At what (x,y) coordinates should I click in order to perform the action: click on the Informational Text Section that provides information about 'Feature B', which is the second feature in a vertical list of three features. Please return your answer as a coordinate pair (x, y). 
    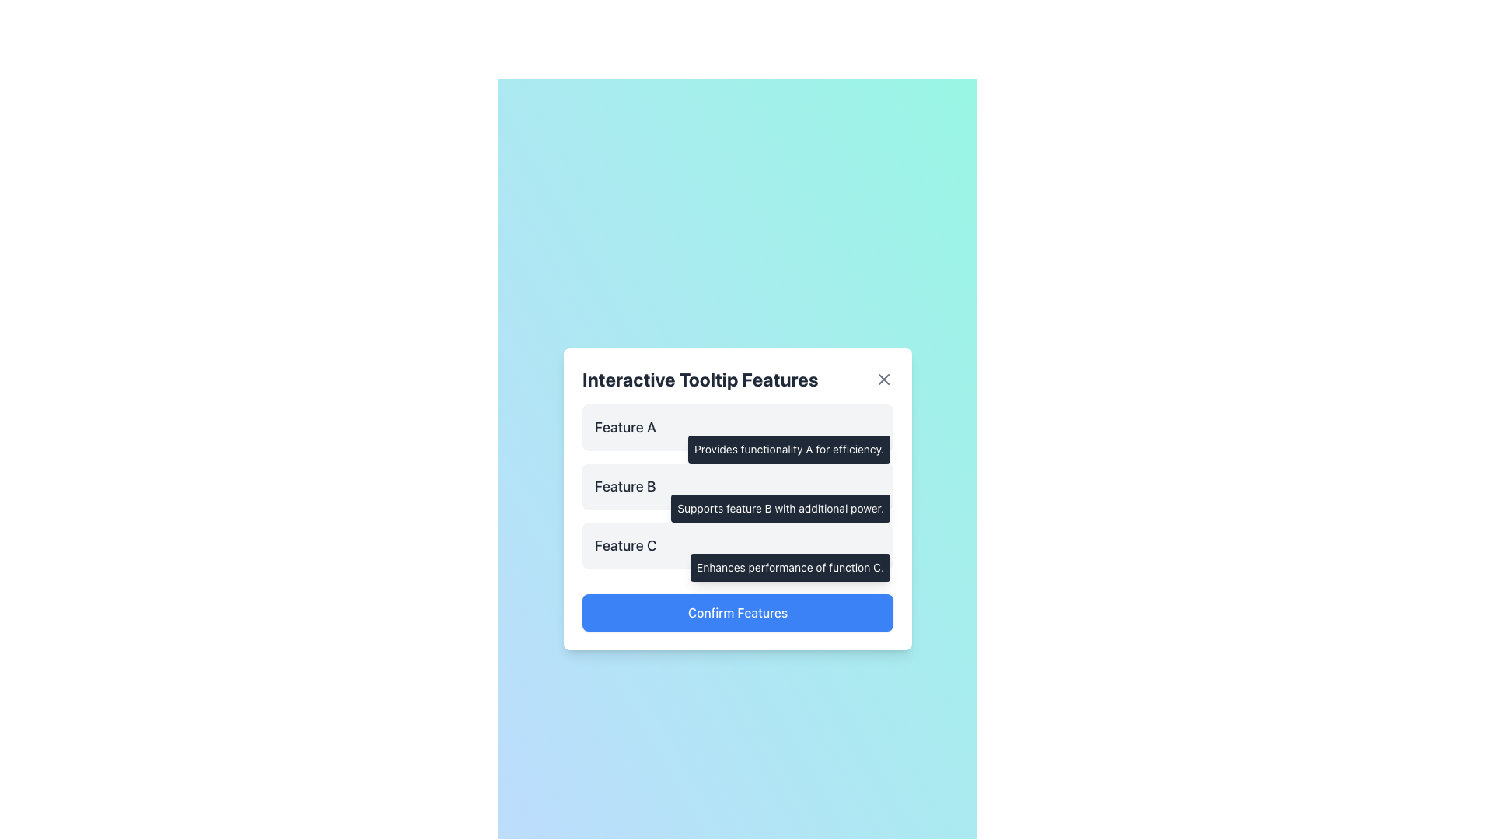
    Looking at the image, I should click on (737, 485).